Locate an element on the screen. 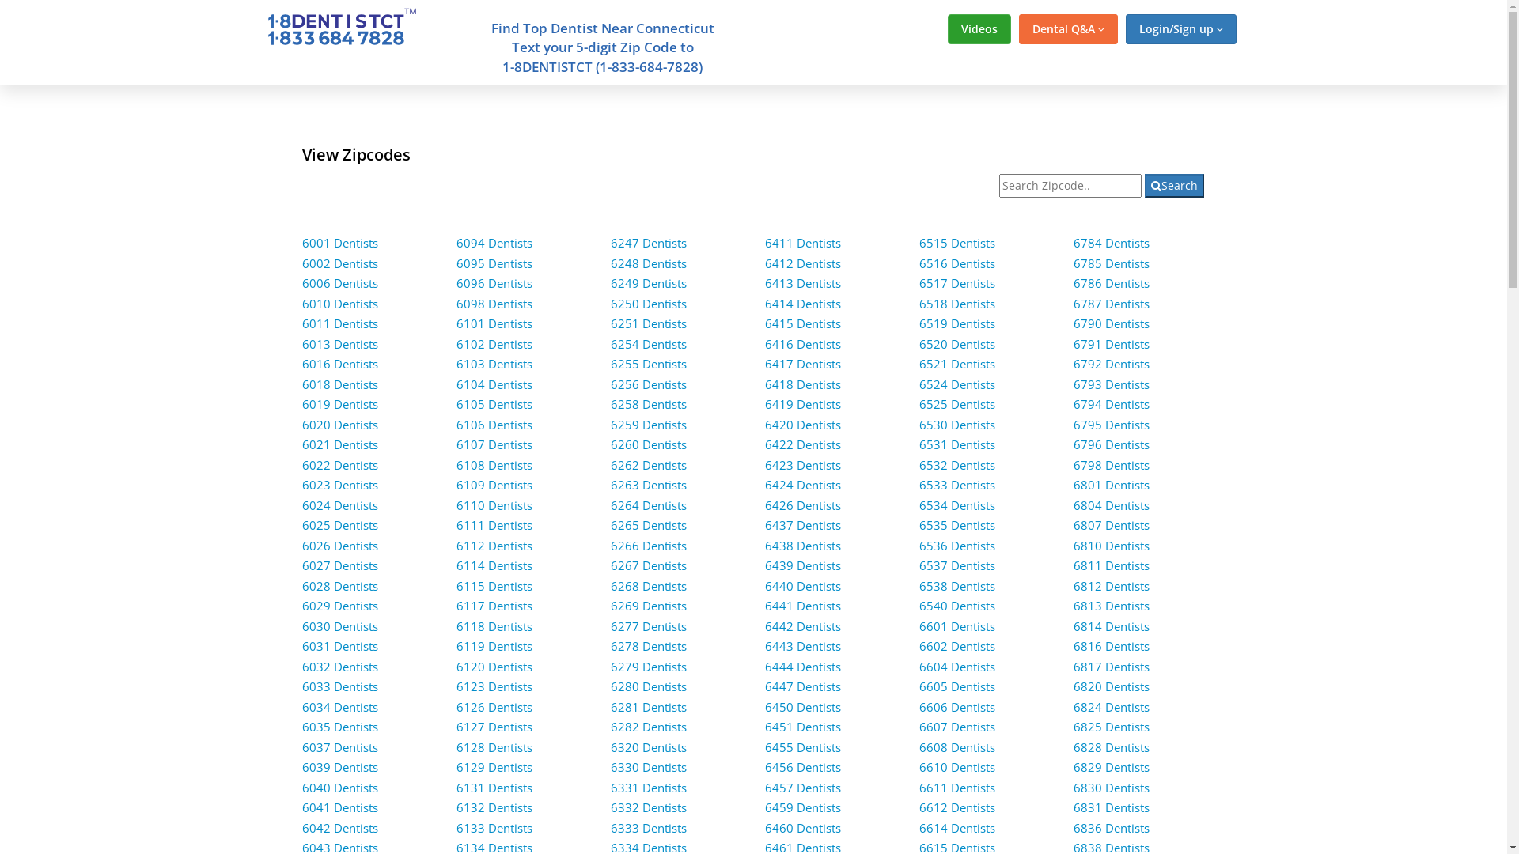 The height and width of the screenshot is (854, 1519). '6029 Dentists' is located at coordinates (339, 605).